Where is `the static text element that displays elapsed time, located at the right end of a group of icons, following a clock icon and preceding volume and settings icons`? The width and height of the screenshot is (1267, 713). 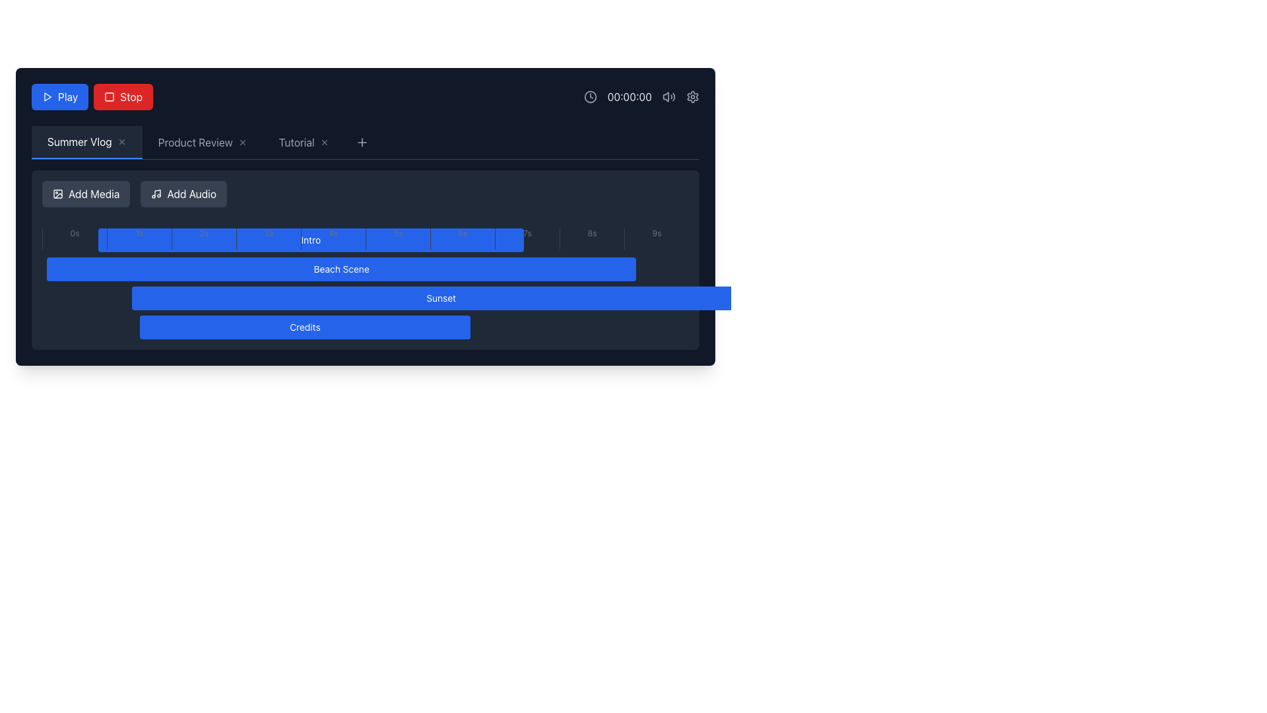 the static text element that displays elapsed time, located at the right end of a group of icons, following a clock icon and preceding volume and settings icons is located at coordinates (641, 96).